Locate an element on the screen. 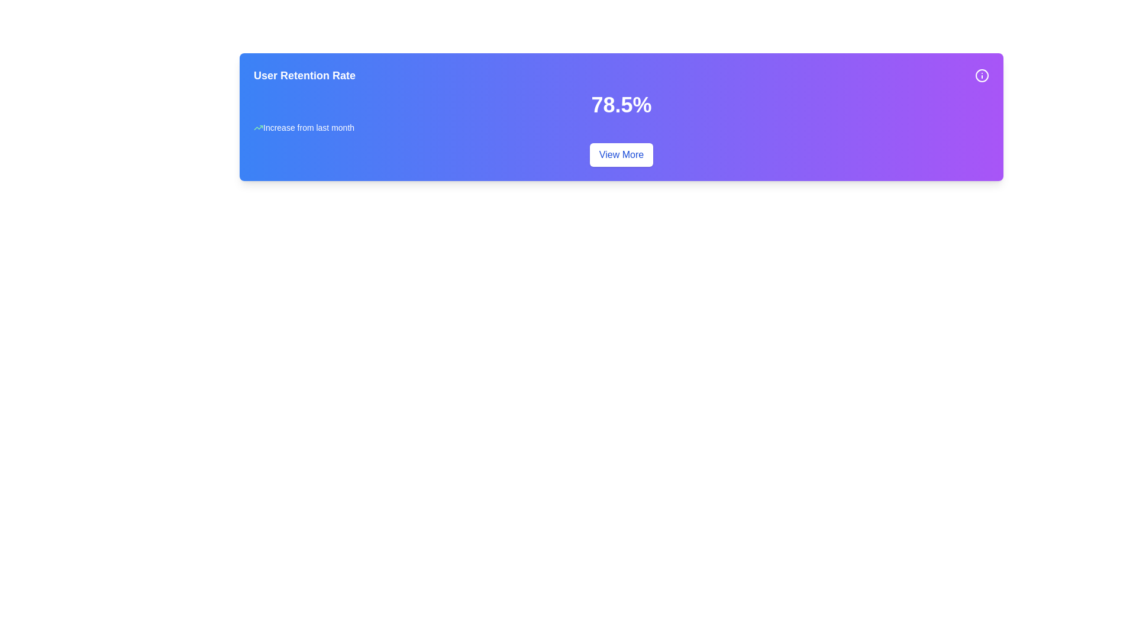 The width and height of the screenshot is (1136, 639). the small upward trending arrow icon in light green color located to the left of the text labeled 'Increase from last month' is located at coordinates (257, 128).